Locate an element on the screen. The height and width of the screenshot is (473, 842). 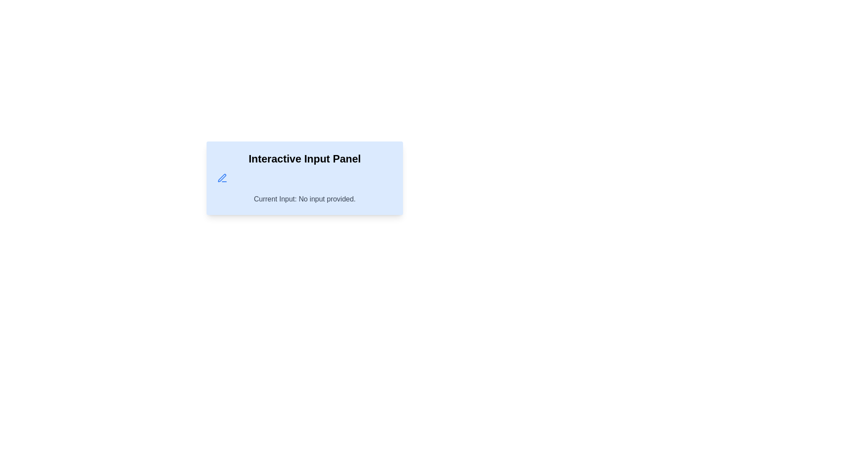
the small blue pen icon located at the far left of the 'Interactive Input Panel' is located at coordinates (222, 178).